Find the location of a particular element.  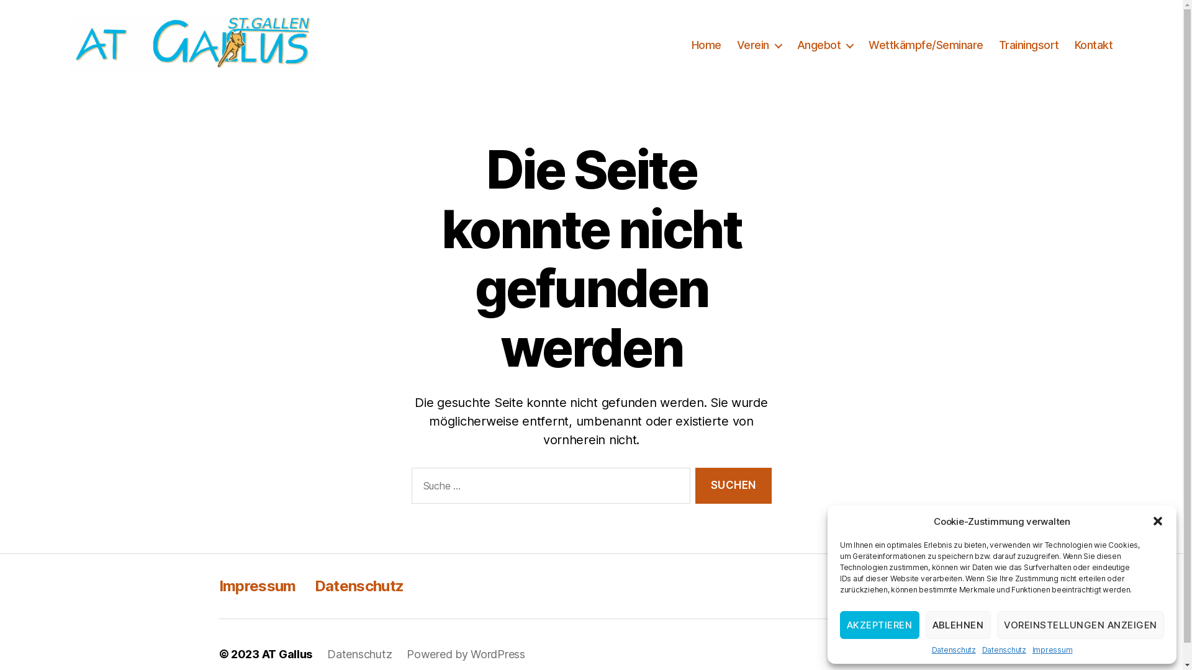

'AKZEPTIEREN' is located at coordinates (878, 625).